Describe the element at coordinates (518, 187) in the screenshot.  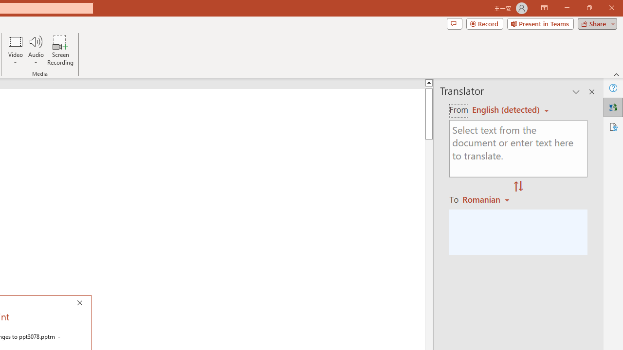
I see `'Swap "from" and "to" languages.'` at that location.